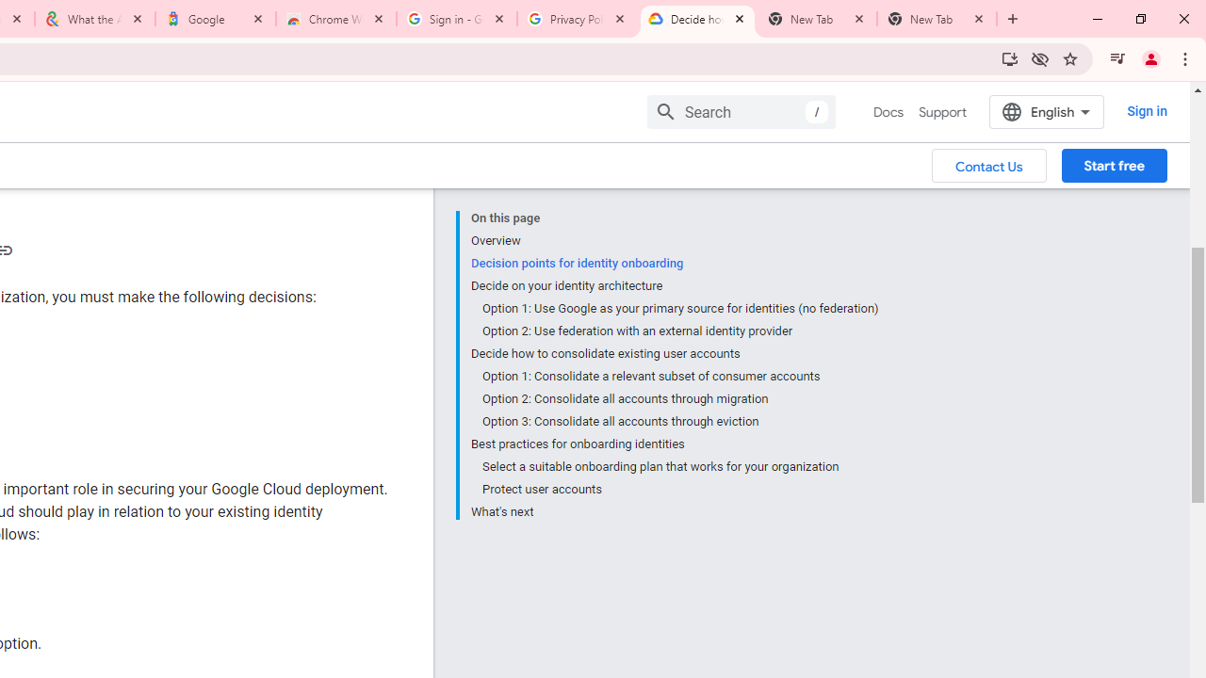 This screenshot has width=1206, height=678. Describe the element at coordinates (678, 376) in the screenshot. I see `'Option 1: Consolidate a relevant subset of consumer accounts'` at that location.